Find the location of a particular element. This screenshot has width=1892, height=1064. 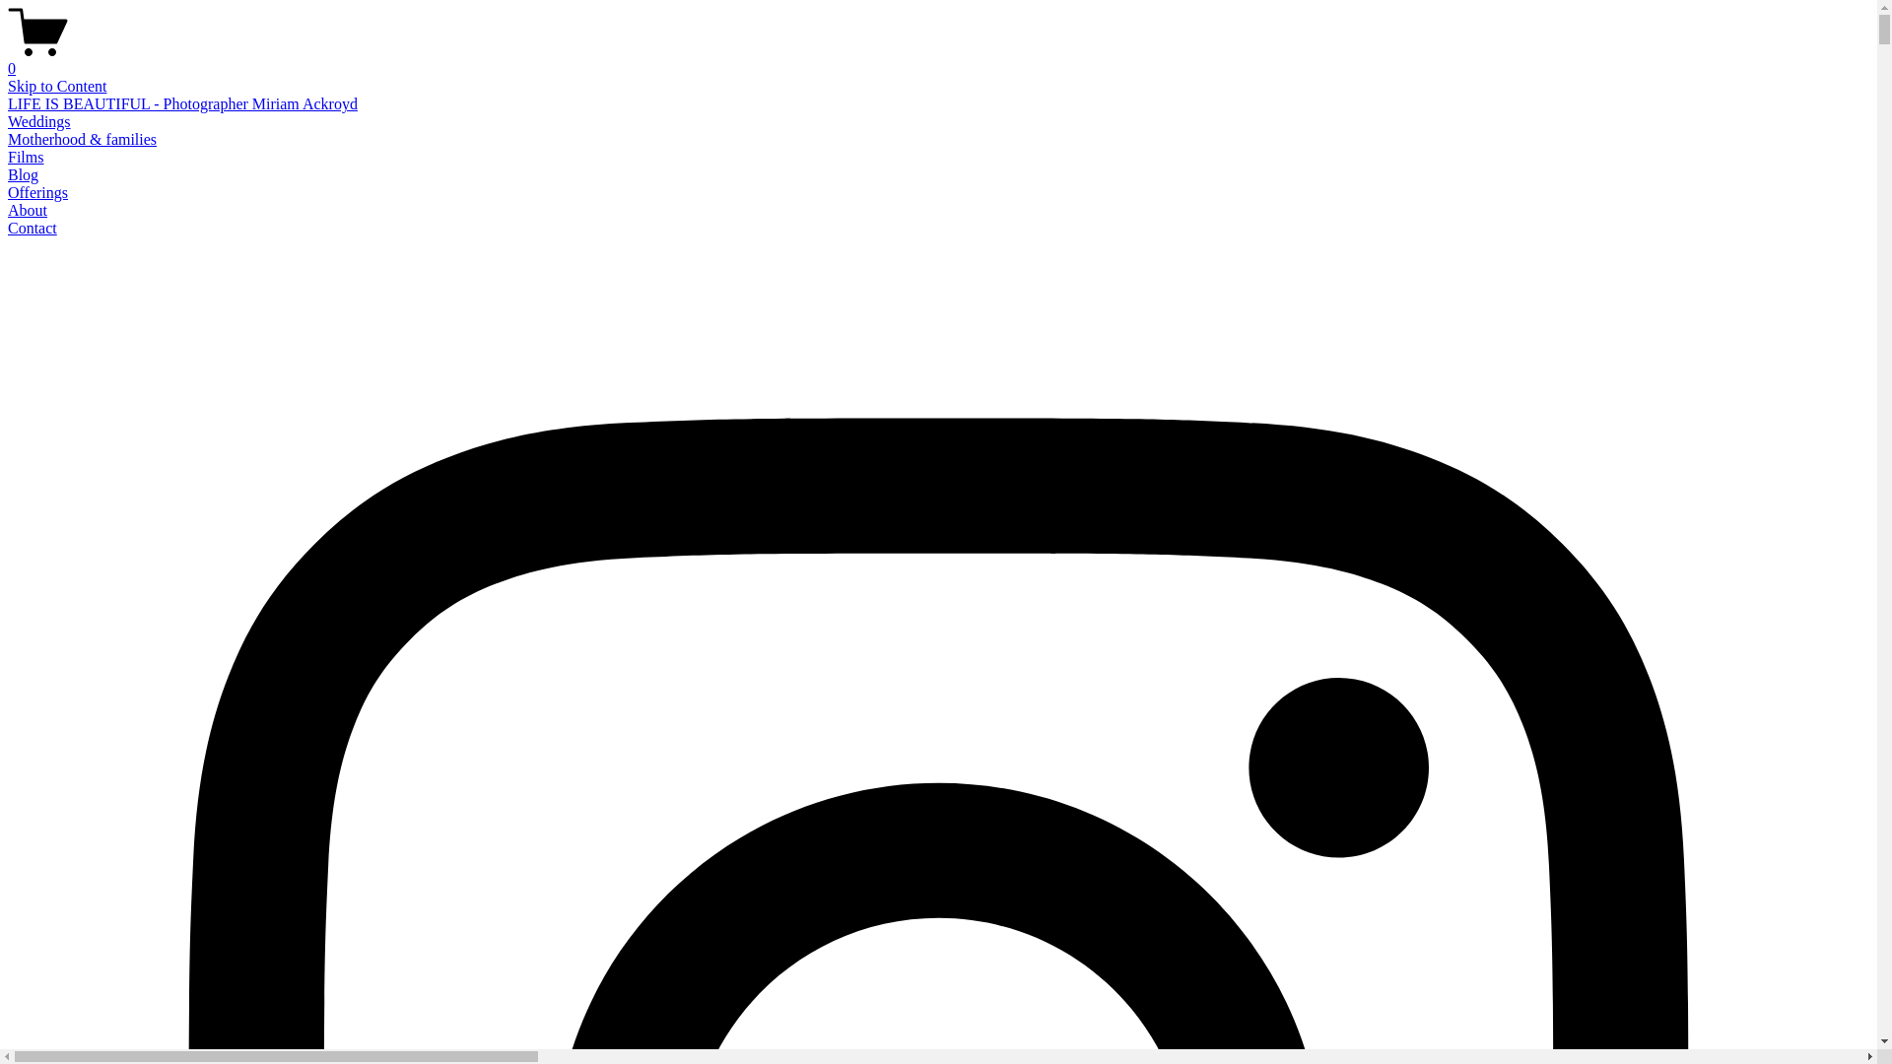

'Skip to Content' is located at coordinates (56, 85).